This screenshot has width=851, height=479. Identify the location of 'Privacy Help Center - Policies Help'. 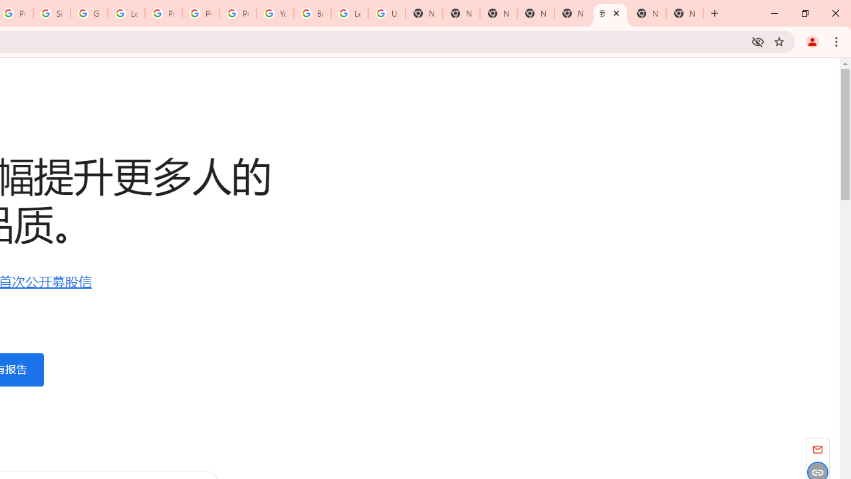
(162, 13).